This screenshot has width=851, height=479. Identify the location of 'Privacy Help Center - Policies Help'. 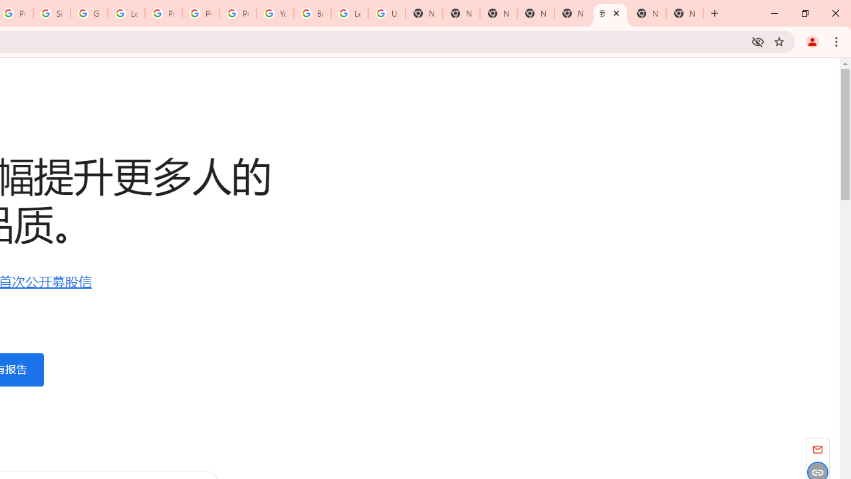
(162, 13).